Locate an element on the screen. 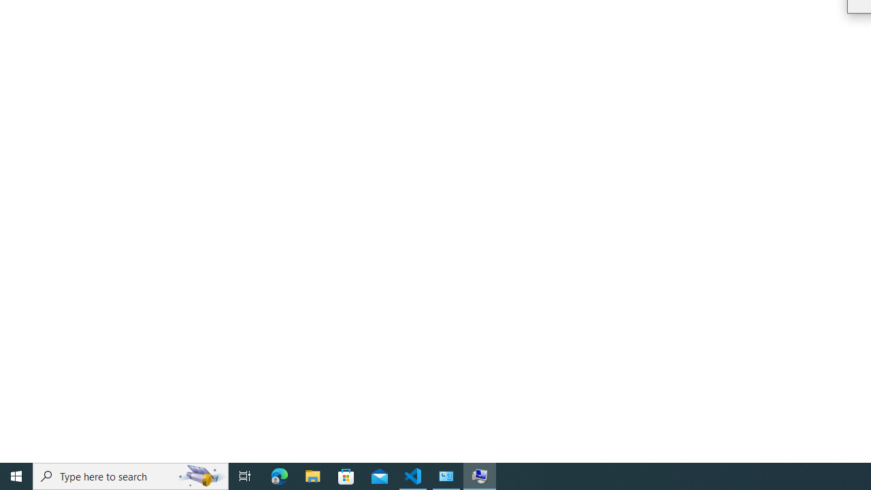 The image size is (871, 490). 'Control Panel - 1 running window' is located at coordinates (446, 475).